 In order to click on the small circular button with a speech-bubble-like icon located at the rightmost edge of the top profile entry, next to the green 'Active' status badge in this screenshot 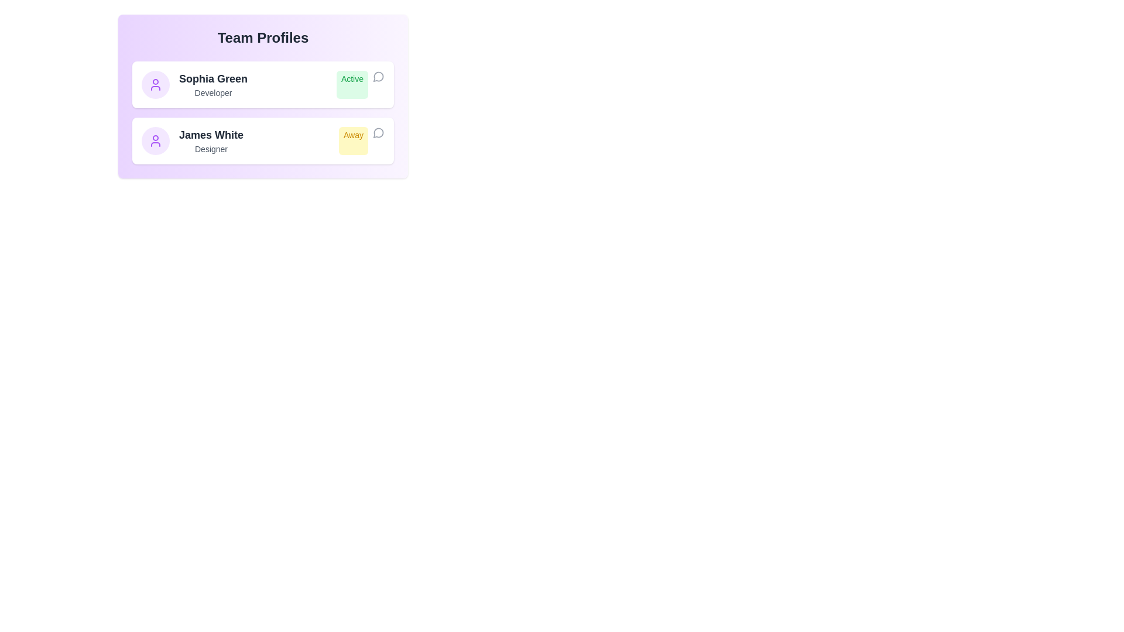, I will do `click(378, 77)`.